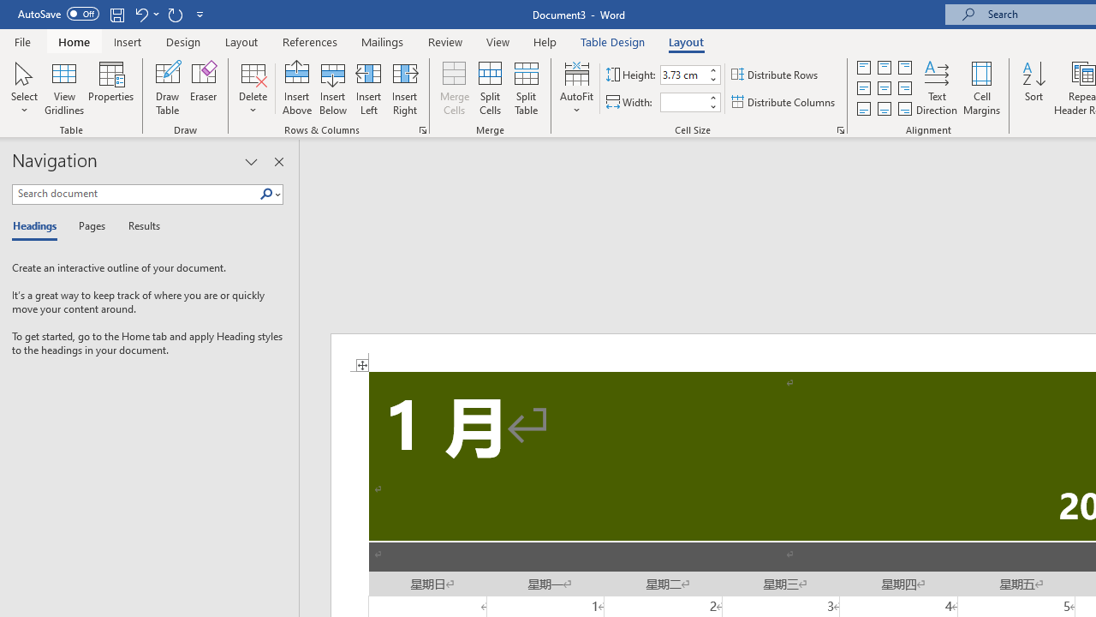 The width and height of the screenshot is (1096, 617). Describe the element at coordinates (454, 88) in the screenshot. I see `'Merge Cells'` at that location.